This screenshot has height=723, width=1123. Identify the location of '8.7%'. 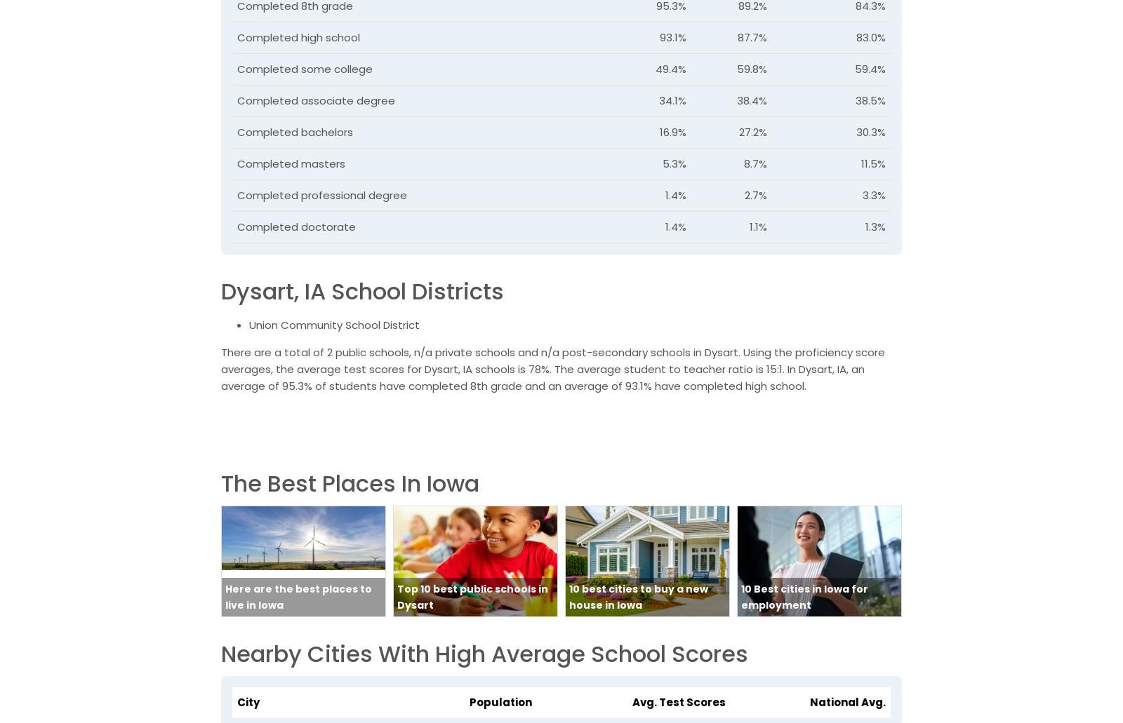
(755, 163).